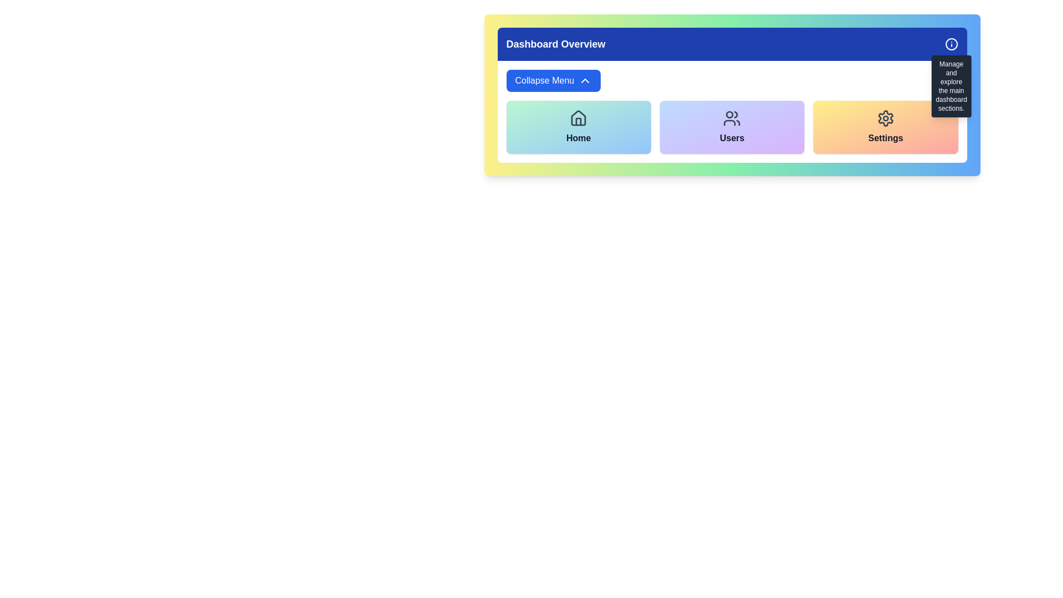 The width and height of the screenshot is (1063, 598). What do you see at coordinates (951, 44) in the screenshot?
I see `the larger outer circle of the 'info' icon located in the top-right corner of the application interface` at bounding box center [951, 44].